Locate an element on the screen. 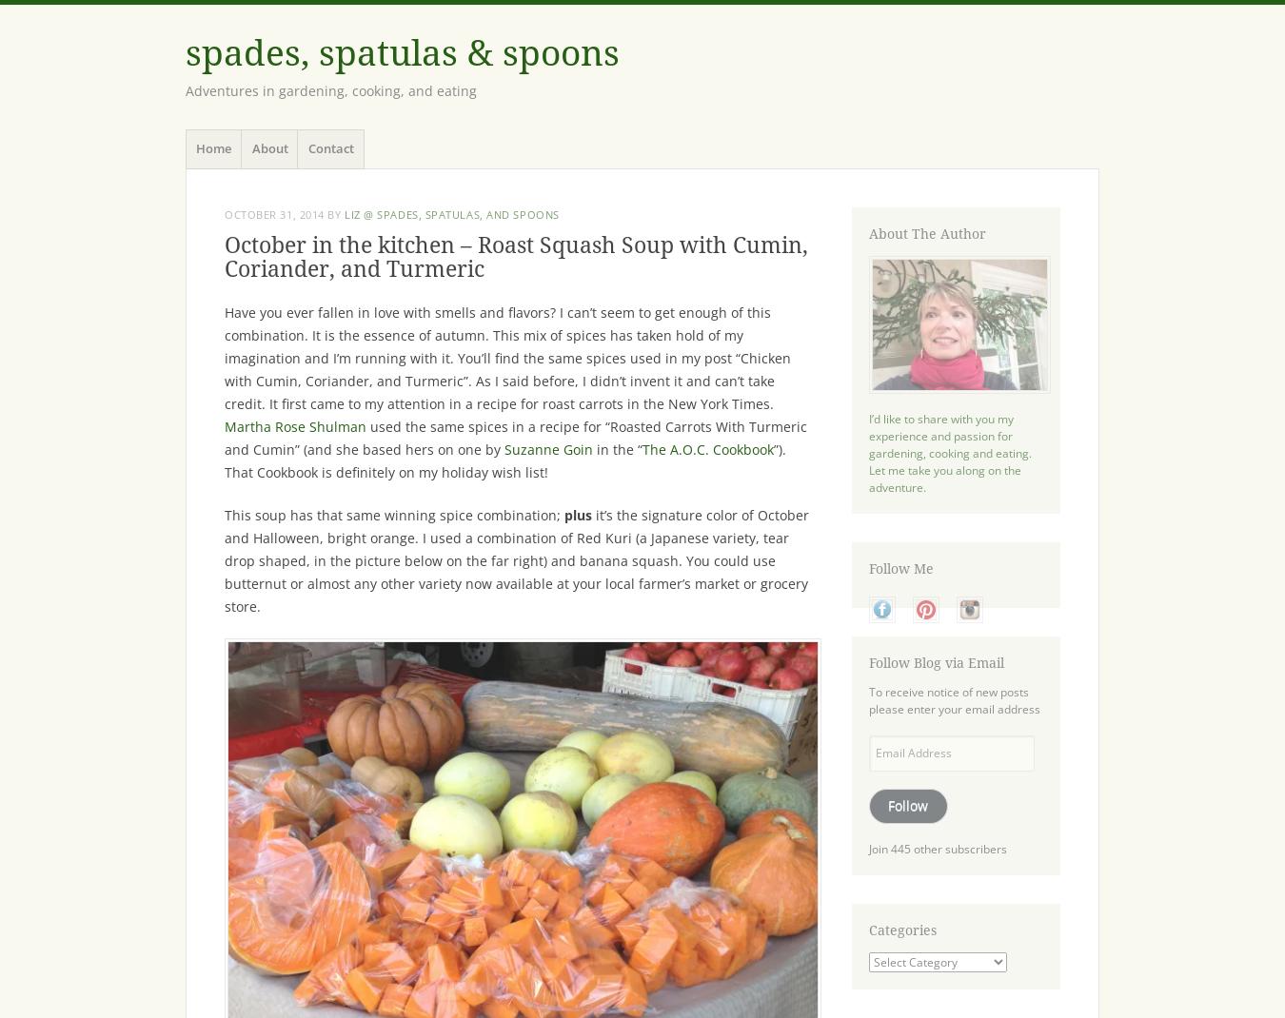 The image size is (1285, 1018). 'October 31, 2014' is located at coordinates (272, 213).